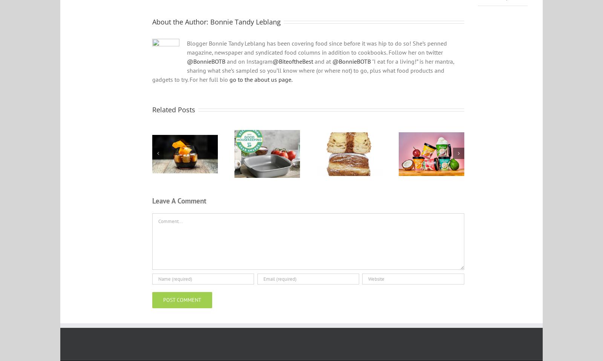 This screenshot has width=603, height=361. What do you see at coordinates (249, 66) in the screenshot?
I see `'and on Instagram'` at bounding box center [249, 66].